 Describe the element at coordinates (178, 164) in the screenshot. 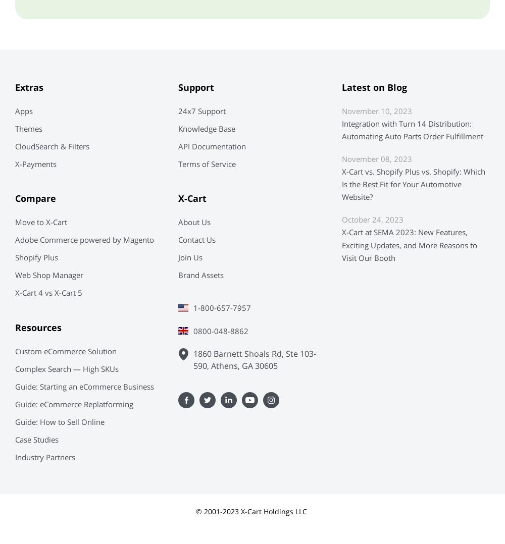

I see `'Terms of Service'` at that location.